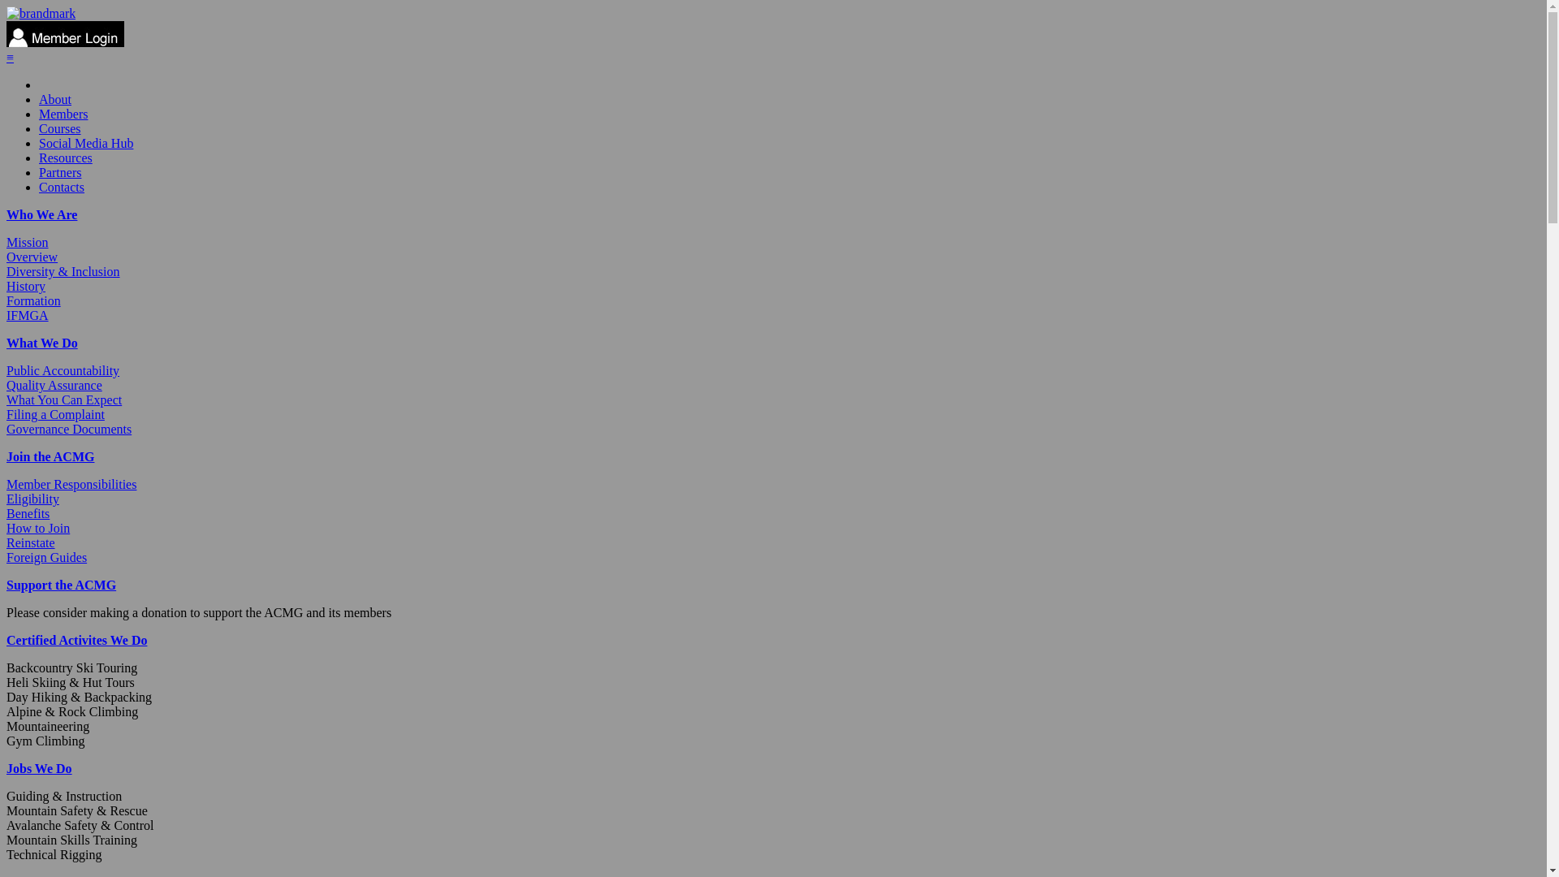 This screenshot has width=1559, height=877. What do you see at coordinates (76, 639) in the screenshot?
I see `'Certified Activites We Do'` at bounding box center [76, 639].